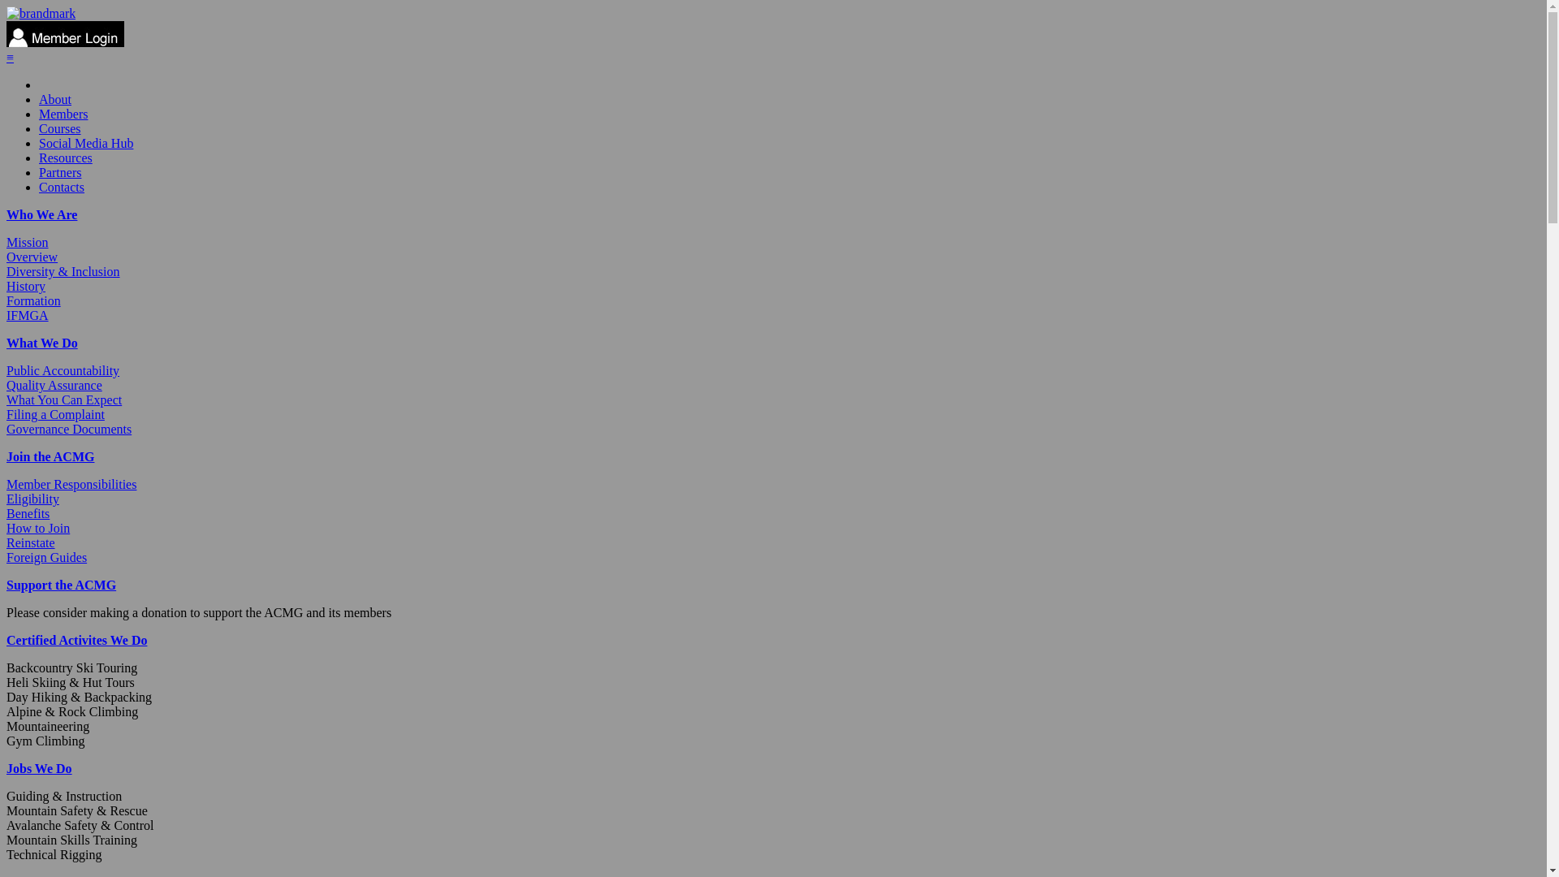 This screenshot has width=1559, height=877. What do you see at coordinates (76, 639) in the screenshot?
I see `'Certified Activites We Do'` at bounding box center [76, 639].